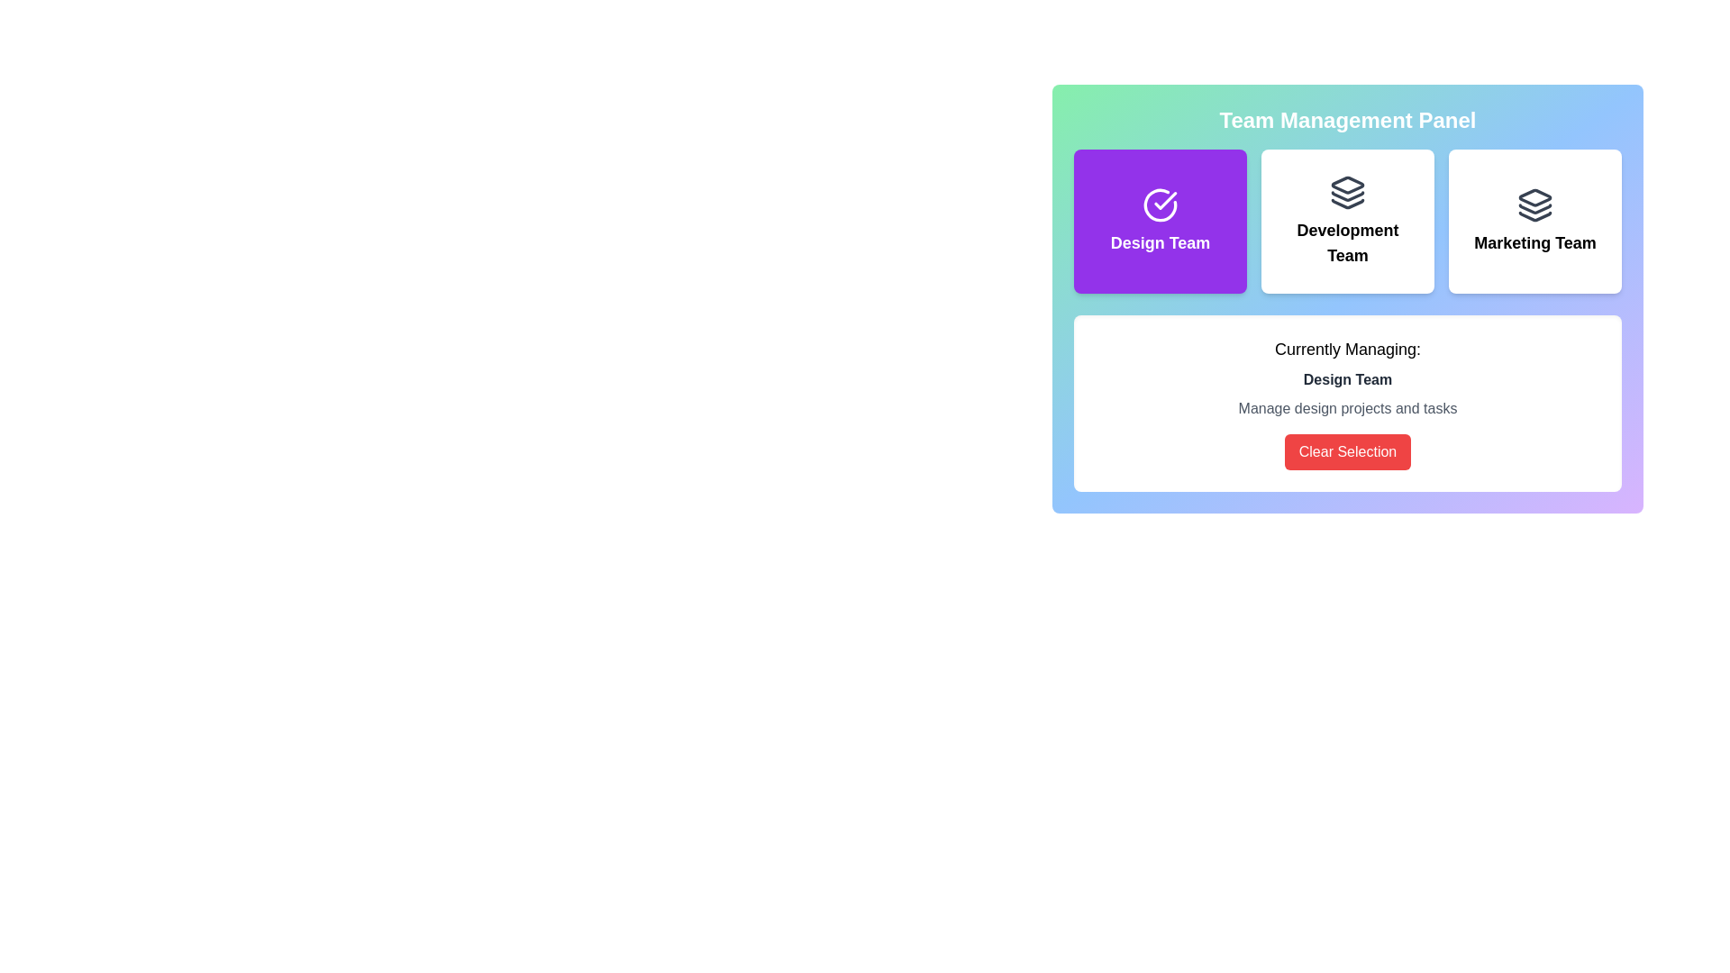 The height and width of the screenshot is (973, 1730). I want to click on the 'Marketing Team' label located in the third position of the horizontal set of team cards, which is centered in its card and appears below an icon symbolizing stacked layers, so click(1534, 221).